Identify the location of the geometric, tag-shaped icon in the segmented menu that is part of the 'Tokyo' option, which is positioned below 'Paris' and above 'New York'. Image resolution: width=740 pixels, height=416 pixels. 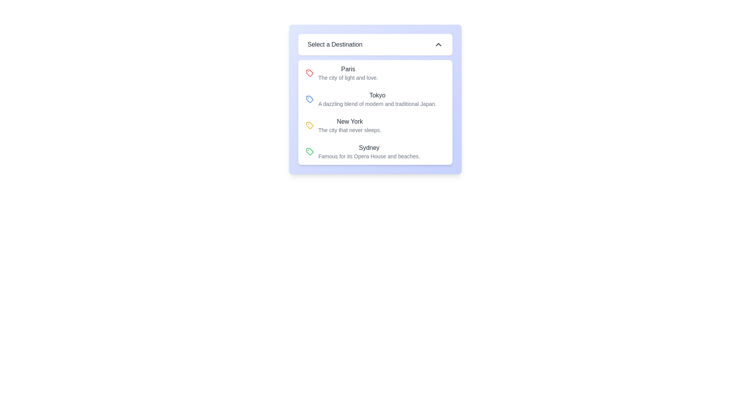
(310, 99).